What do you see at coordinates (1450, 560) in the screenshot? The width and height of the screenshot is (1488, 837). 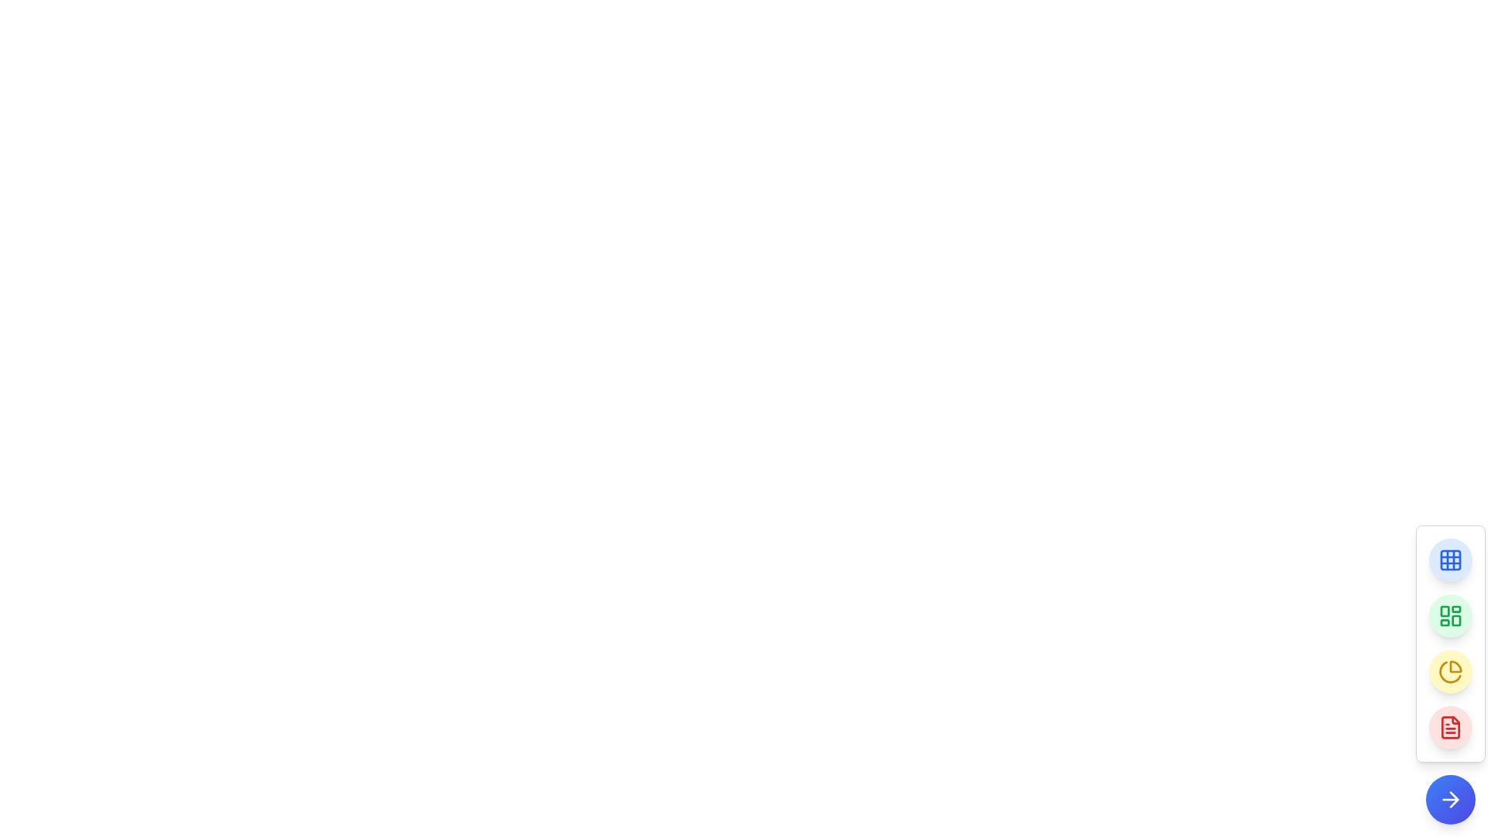 I see `the first circular button located at the bottom-right corner of the interface` at bounding box center [1450, 560].